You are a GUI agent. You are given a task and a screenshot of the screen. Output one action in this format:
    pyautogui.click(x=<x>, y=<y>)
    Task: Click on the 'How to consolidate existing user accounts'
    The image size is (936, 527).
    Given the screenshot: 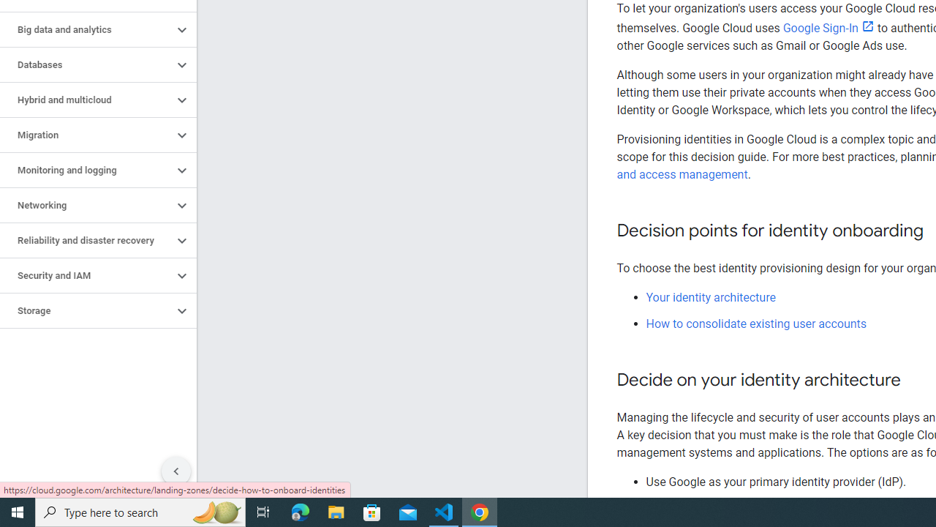 What is the action you would take?
    pyautogui.click(x=756, y=323)
    